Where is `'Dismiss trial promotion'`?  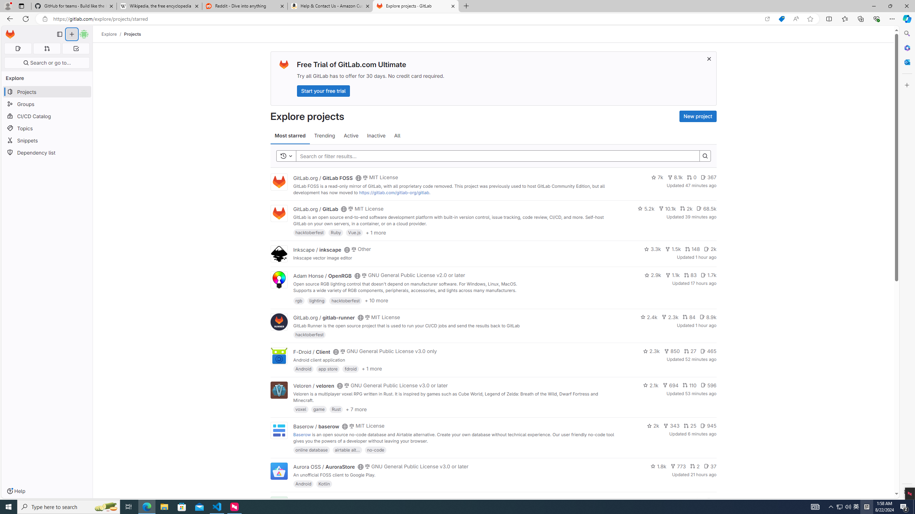 'Dismiss trial promotion' is located at coordinates (709, 59).